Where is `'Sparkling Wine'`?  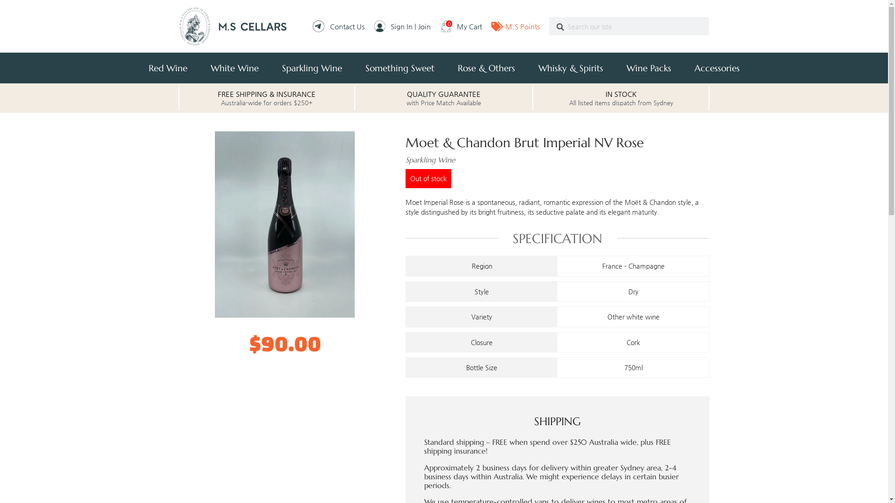
'Sparkling Wine' is located at coordinates (312, 68).